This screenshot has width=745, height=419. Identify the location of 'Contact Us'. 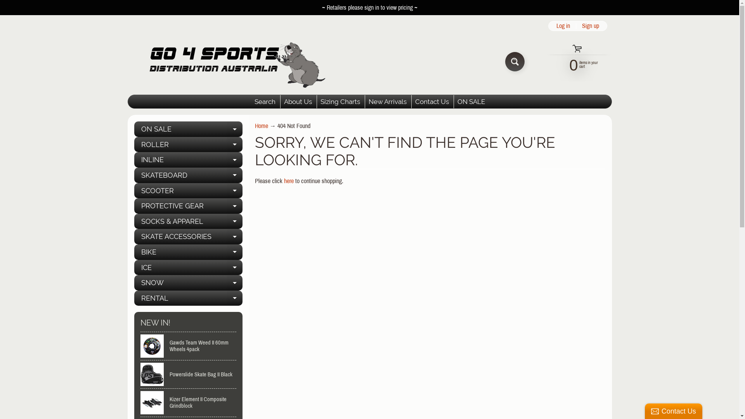
(431, 101).